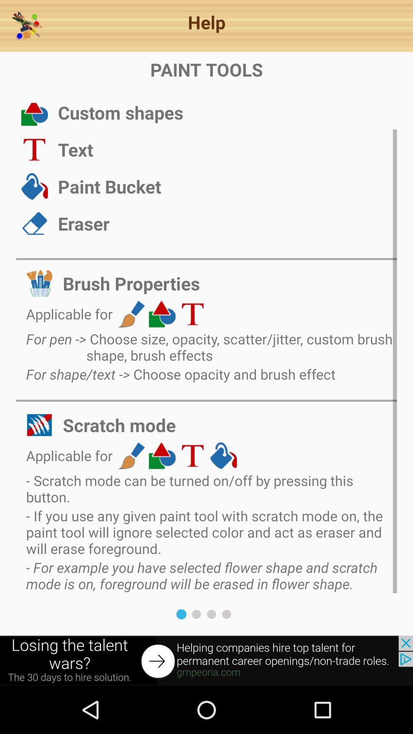 This screenshot has width=413, height=734. I want to click on open advertisement, so click(206, 660).